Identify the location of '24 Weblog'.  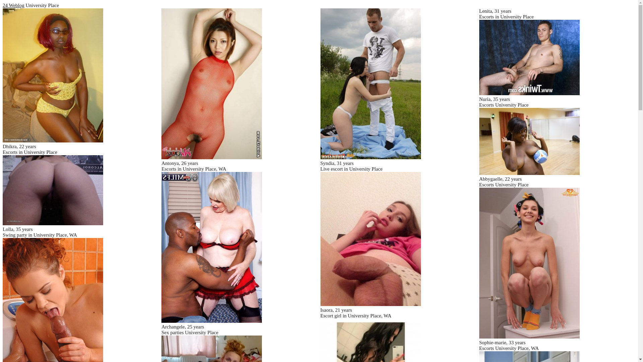
(3, 5).